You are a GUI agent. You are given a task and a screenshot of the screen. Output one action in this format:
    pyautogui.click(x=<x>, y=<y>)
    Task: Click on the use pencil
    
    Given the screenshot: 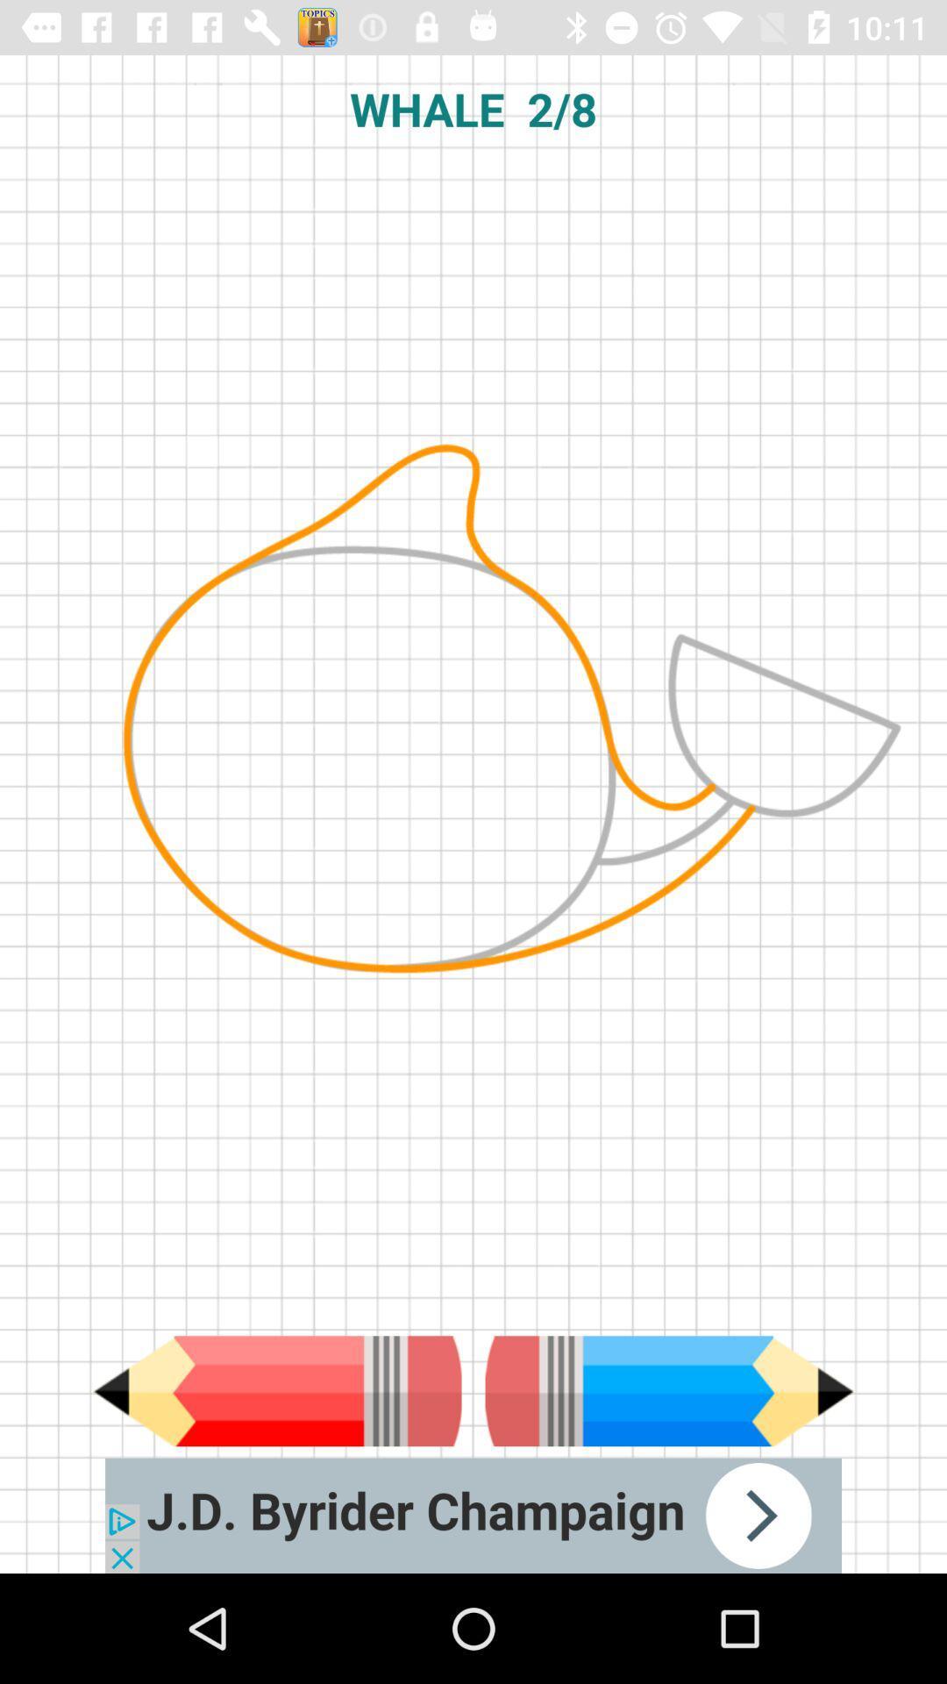 What is the action you would take?
    pyautogui.click(x=276, y=1390)
    